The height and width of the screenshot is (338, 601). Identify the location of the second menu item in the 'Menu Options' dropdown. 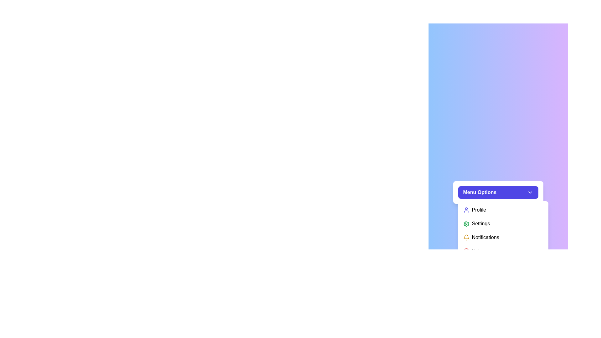
(503, 223).